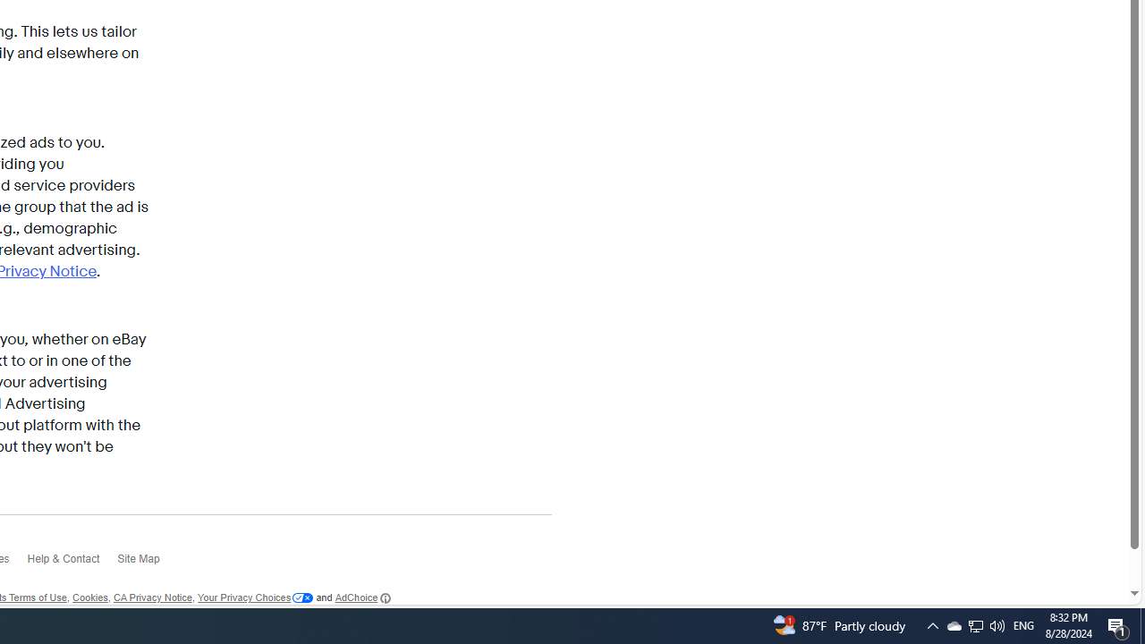 The width and height of the screenshot is (1145, 644). What do you see at coordinates (147, 563) in the screenshot?
I see `'Site Map'` at bounding box center [147, 563].